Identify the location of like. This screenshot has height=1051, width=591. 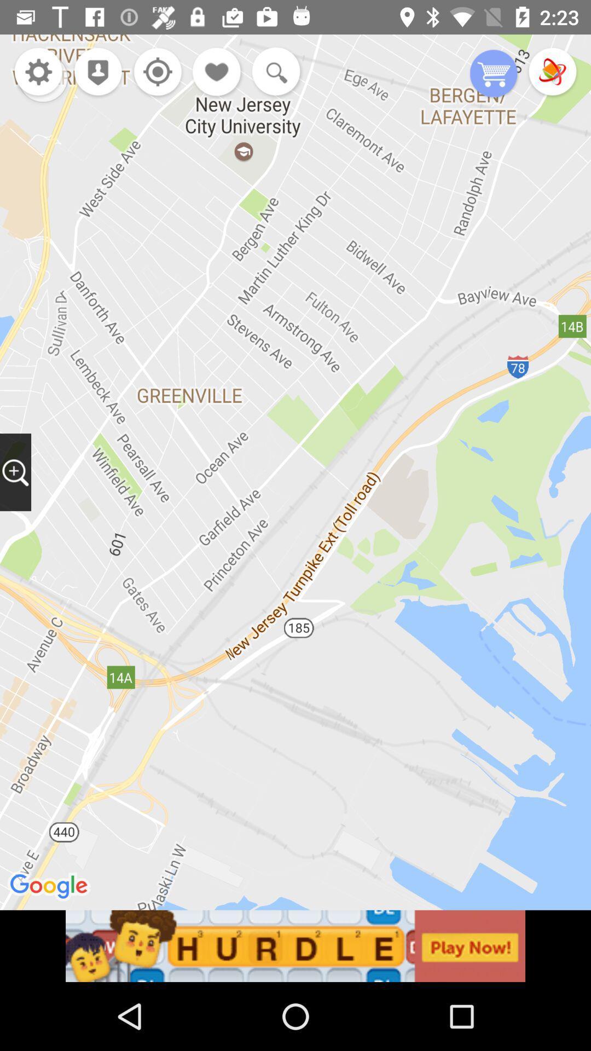
(217, 72).